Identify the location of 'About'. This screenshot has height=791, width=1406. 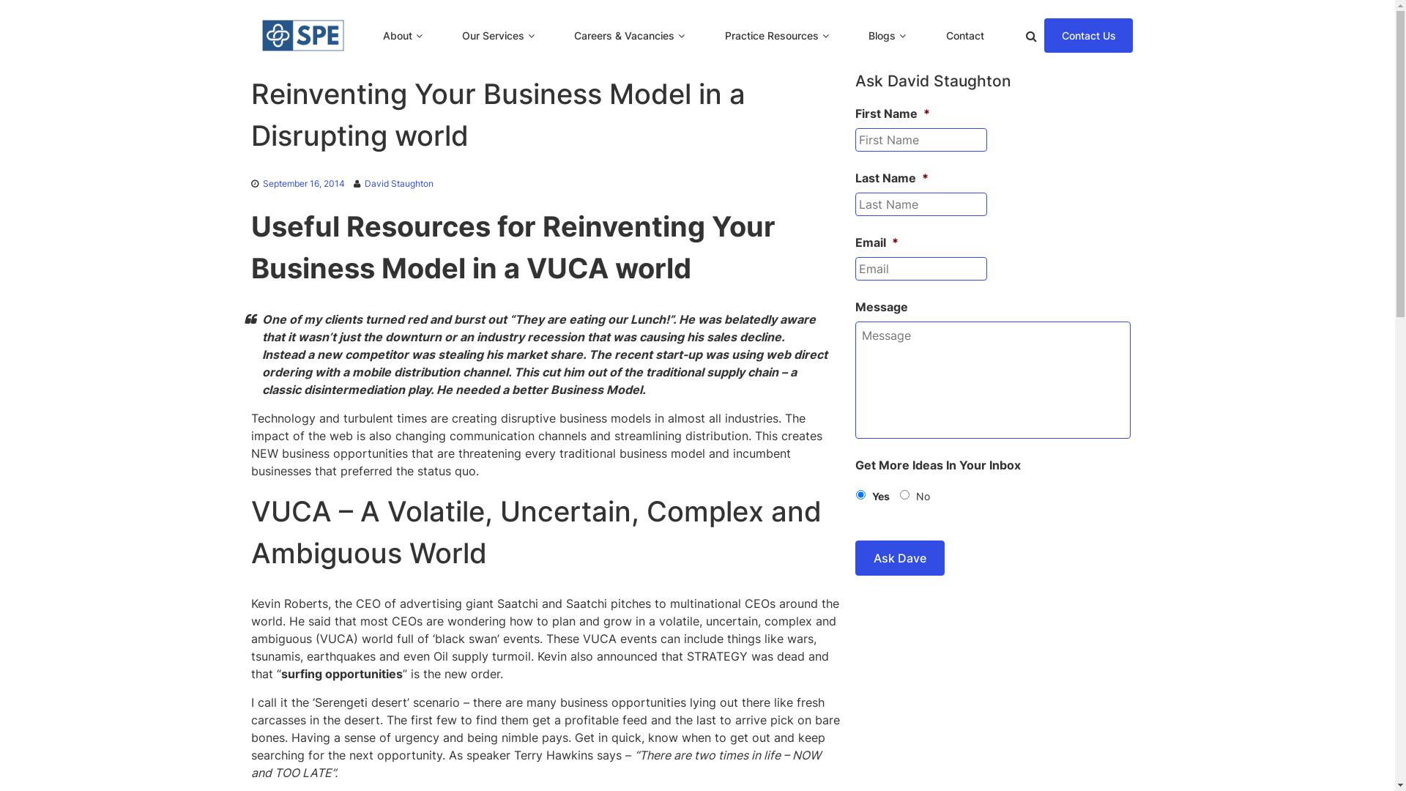
(397, 34).